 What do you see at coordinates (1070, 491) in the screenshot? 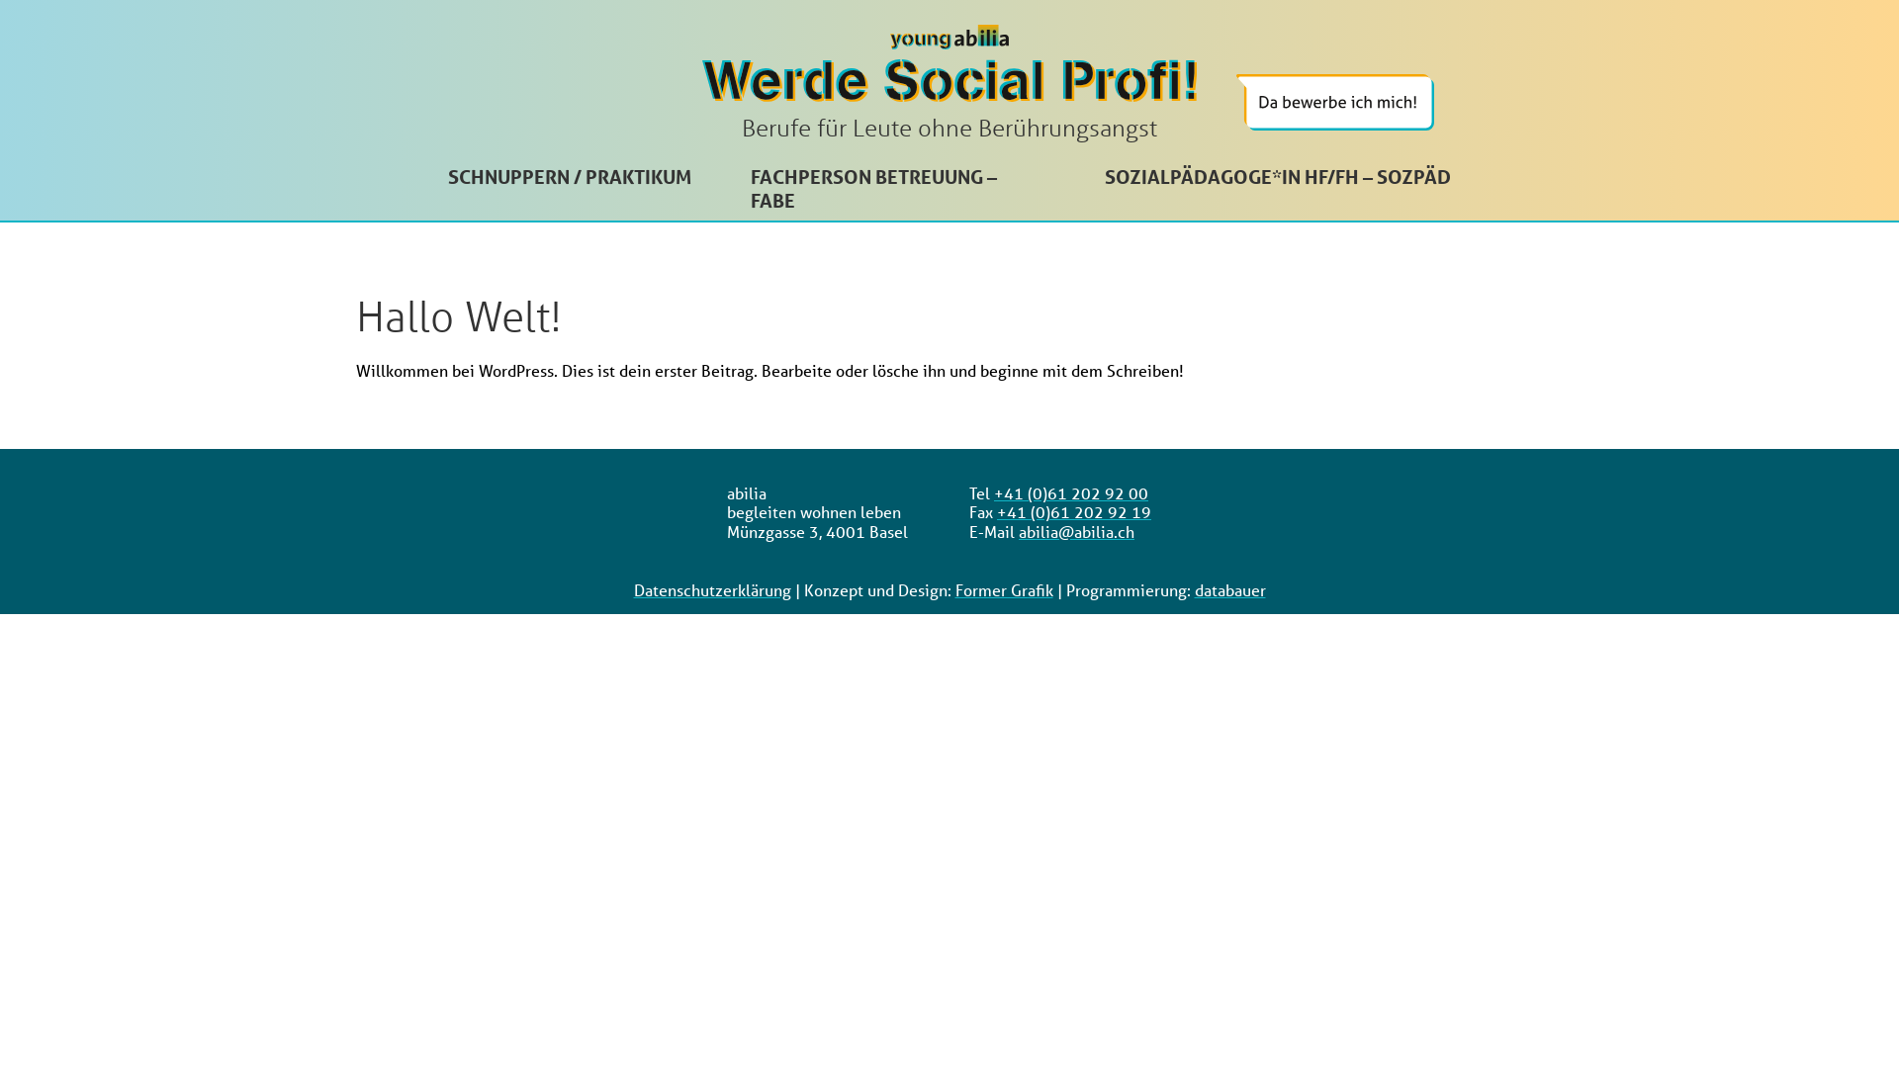
I see `'+41 (0)61 202 92 00'` at bounding box center [1070, 491].